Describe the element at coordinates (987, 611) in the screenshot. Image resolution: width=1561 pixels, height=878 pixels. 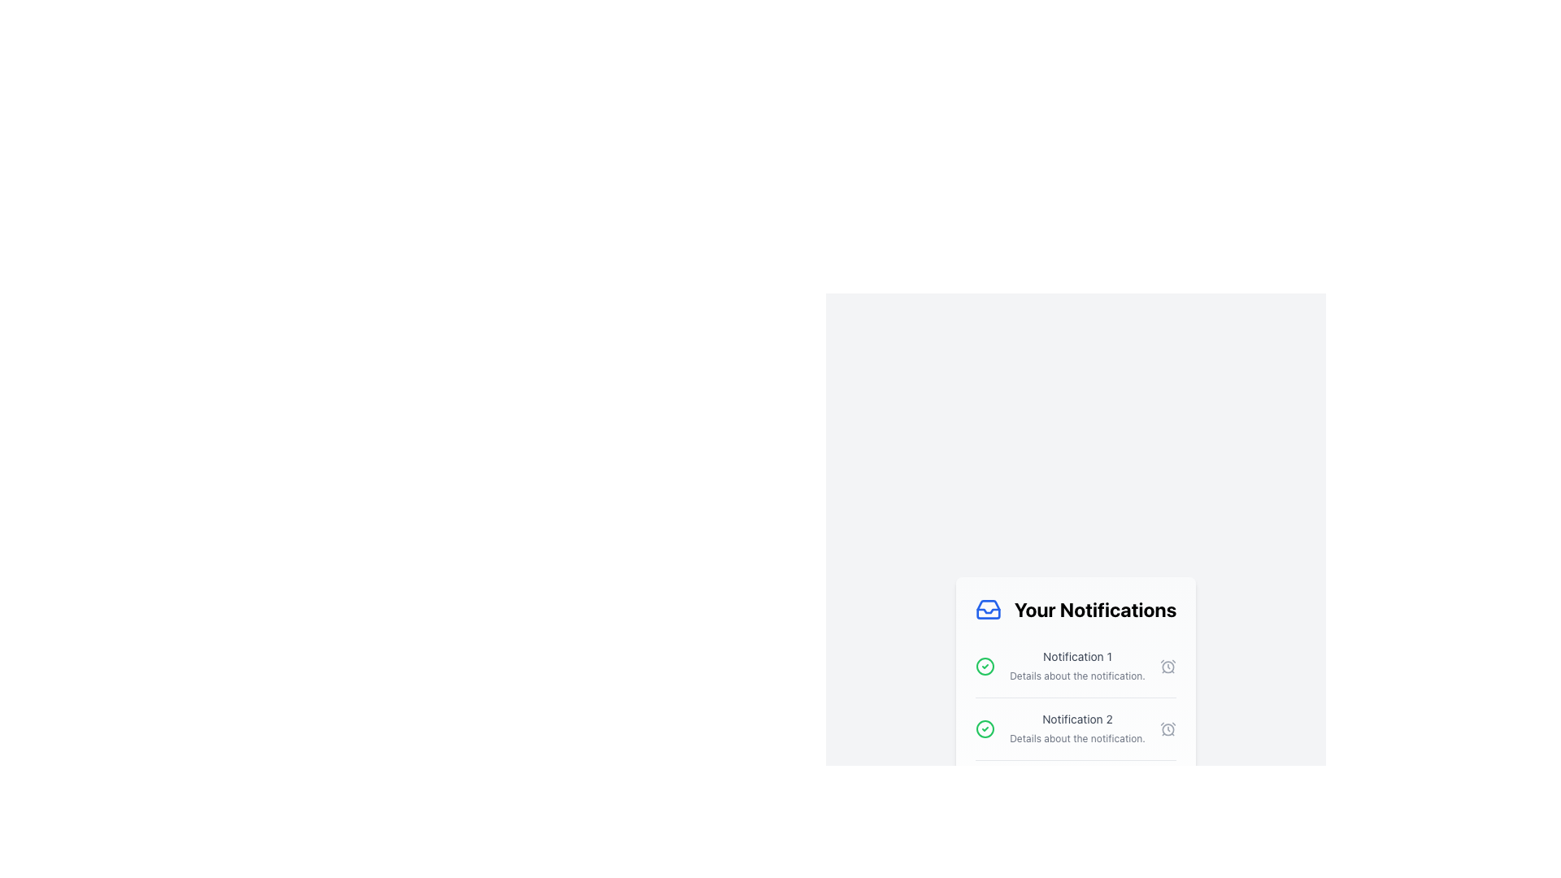
I see `the blue triangular arrow (chevron) shape located at the lower portion of the inbox icon, which is part of the 'Your Notifications' panel` at that location.